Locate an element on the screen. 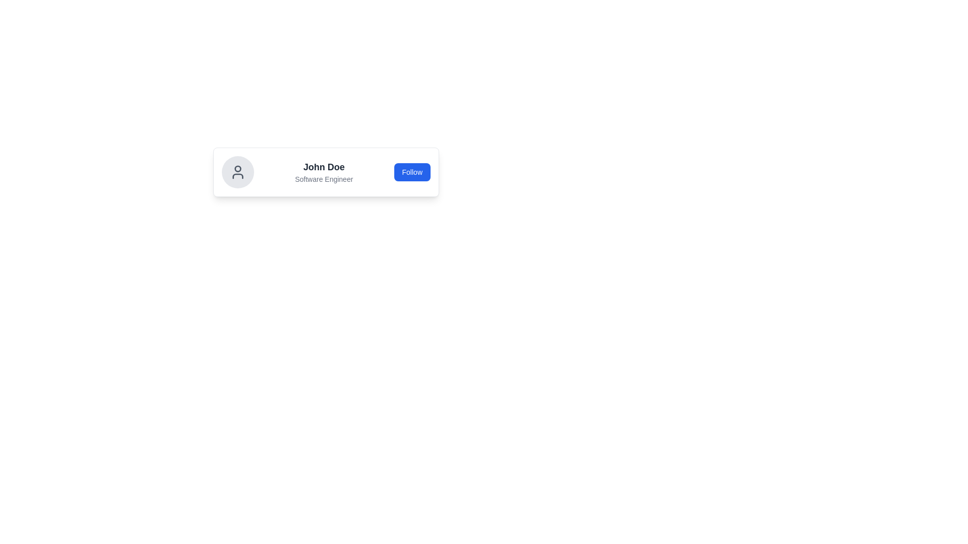  the circular user profile icon, which features a minimalist outline of a person in gray is located at coordinates (237, 172).